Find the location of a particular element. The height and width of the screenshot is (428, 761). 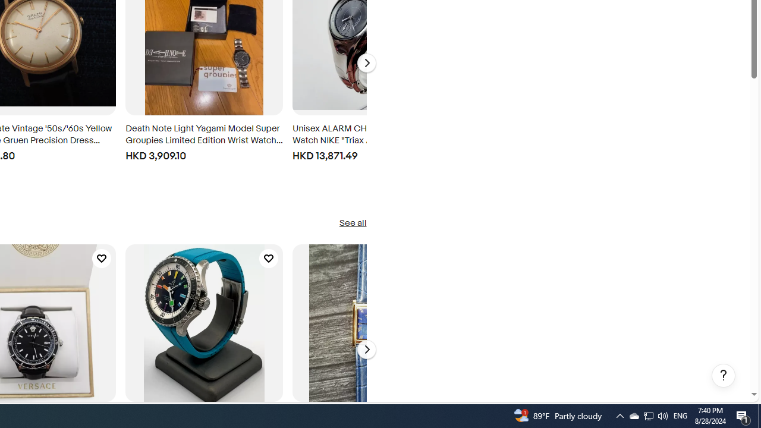

'Go to the next slide, Your Recently Viewed Items - Carousel' is located at coordinates (366, 63).